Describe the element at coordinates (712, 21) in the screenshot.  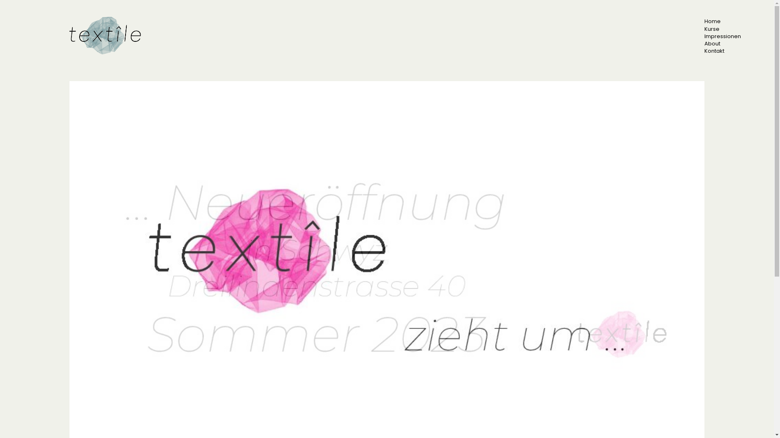
I see `'Home'` at that location.